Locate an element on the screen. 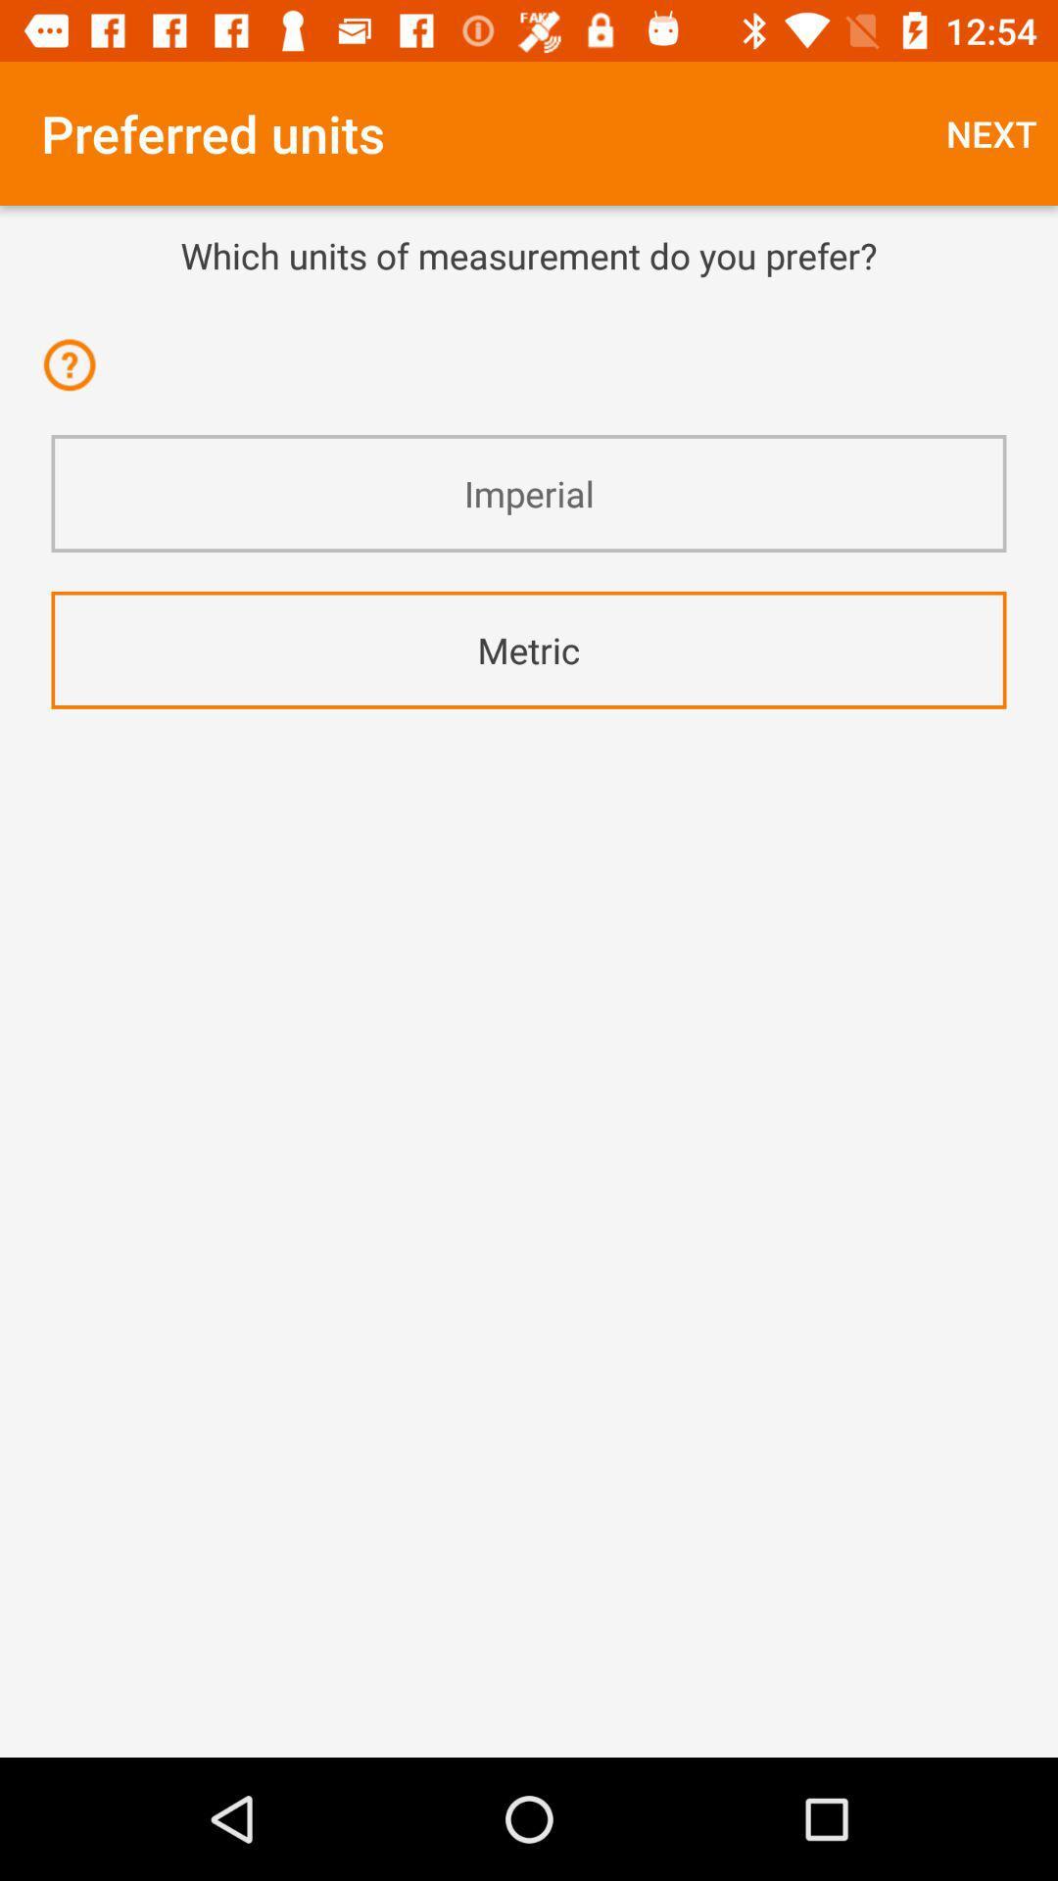 This screenshot has width=1058, height=1881. the icon below the imperial app is located at coordinates (529, 650).